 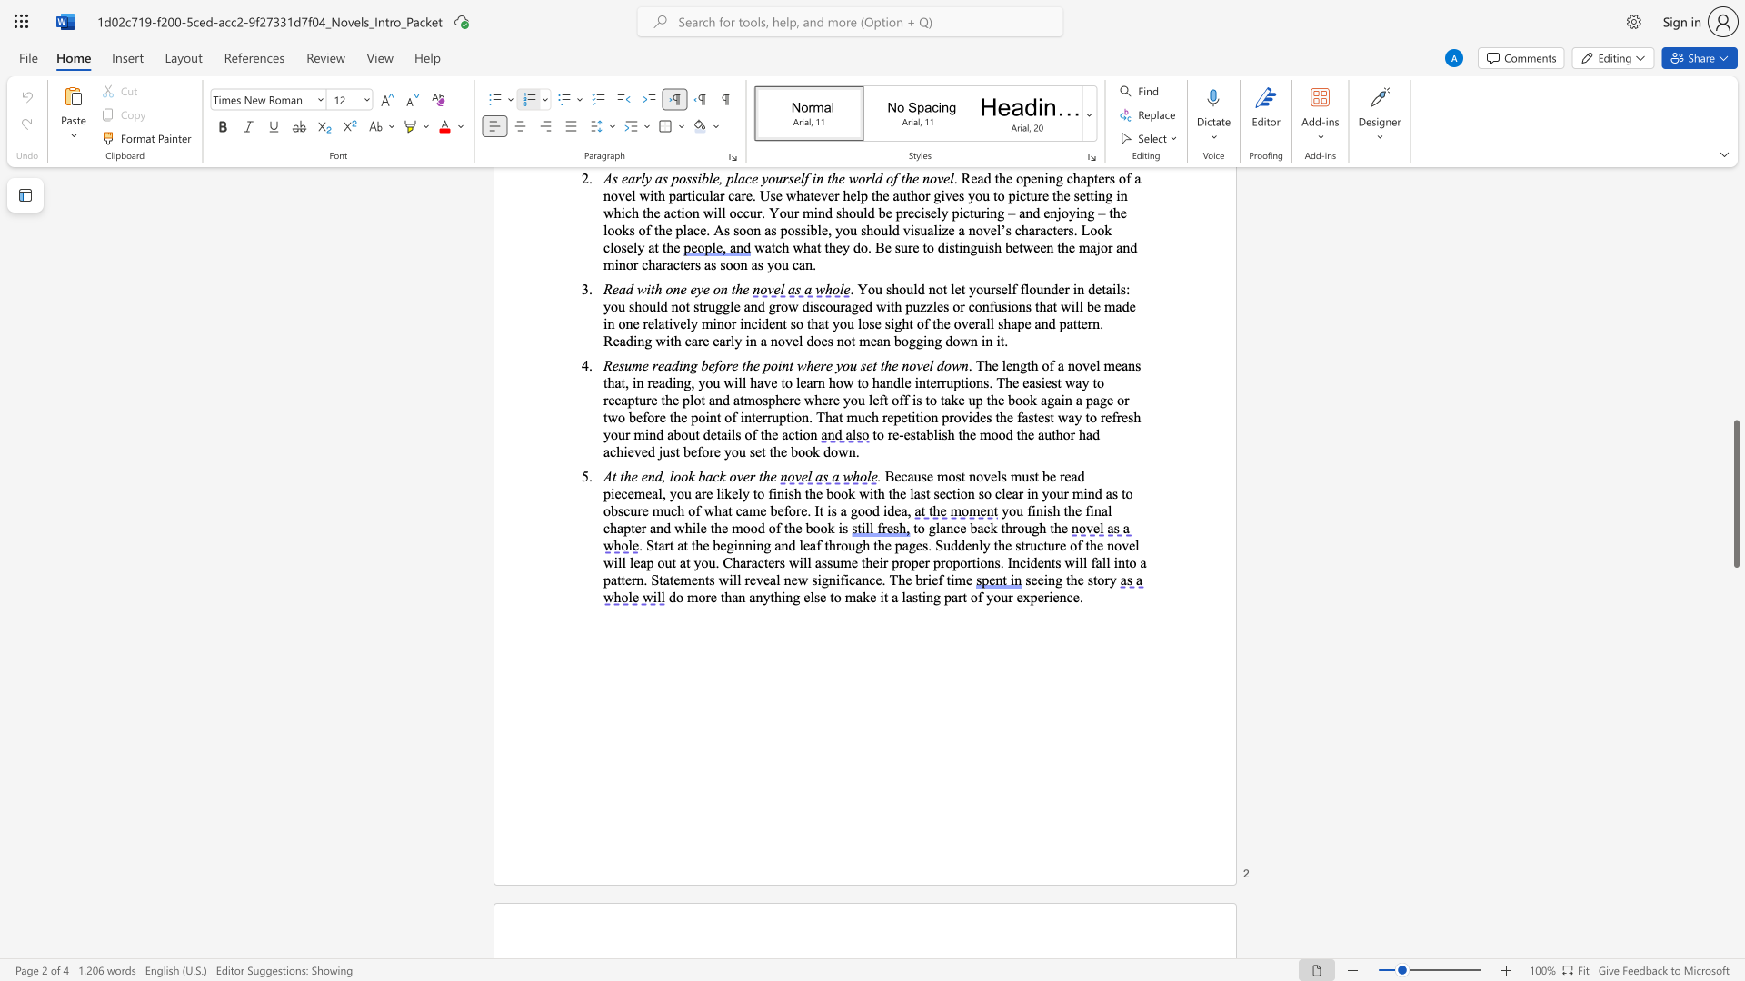 What do you see at coordinates (829, 561) in the screenshot?
I see `the 5th character "s" in the text` at bounding box center [829, 561].